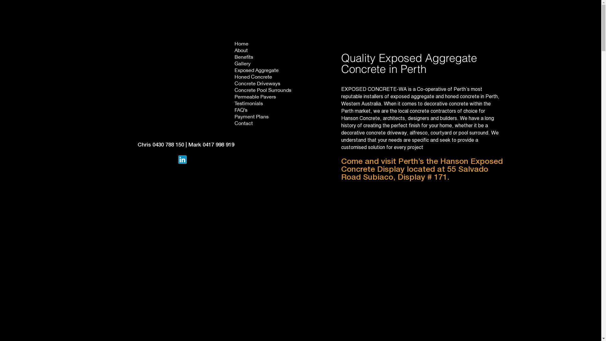  I want to click on 'Concrete Pool Surrounds', so click(263, 91).